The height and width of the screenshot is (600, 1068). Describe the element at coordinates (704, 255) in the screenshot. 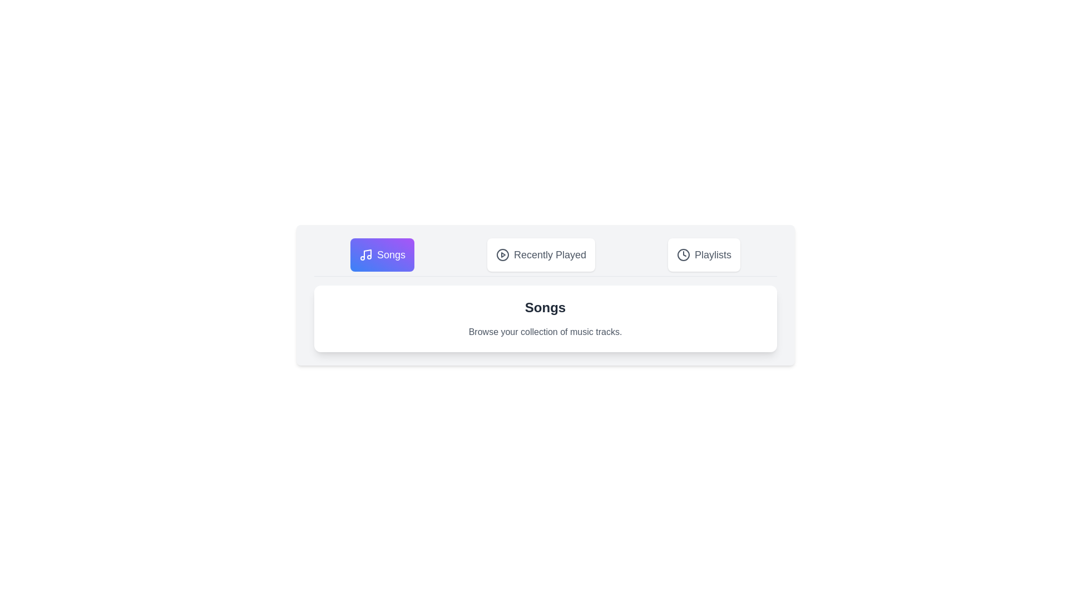

I see `the tab labeled Playlists` at that location.